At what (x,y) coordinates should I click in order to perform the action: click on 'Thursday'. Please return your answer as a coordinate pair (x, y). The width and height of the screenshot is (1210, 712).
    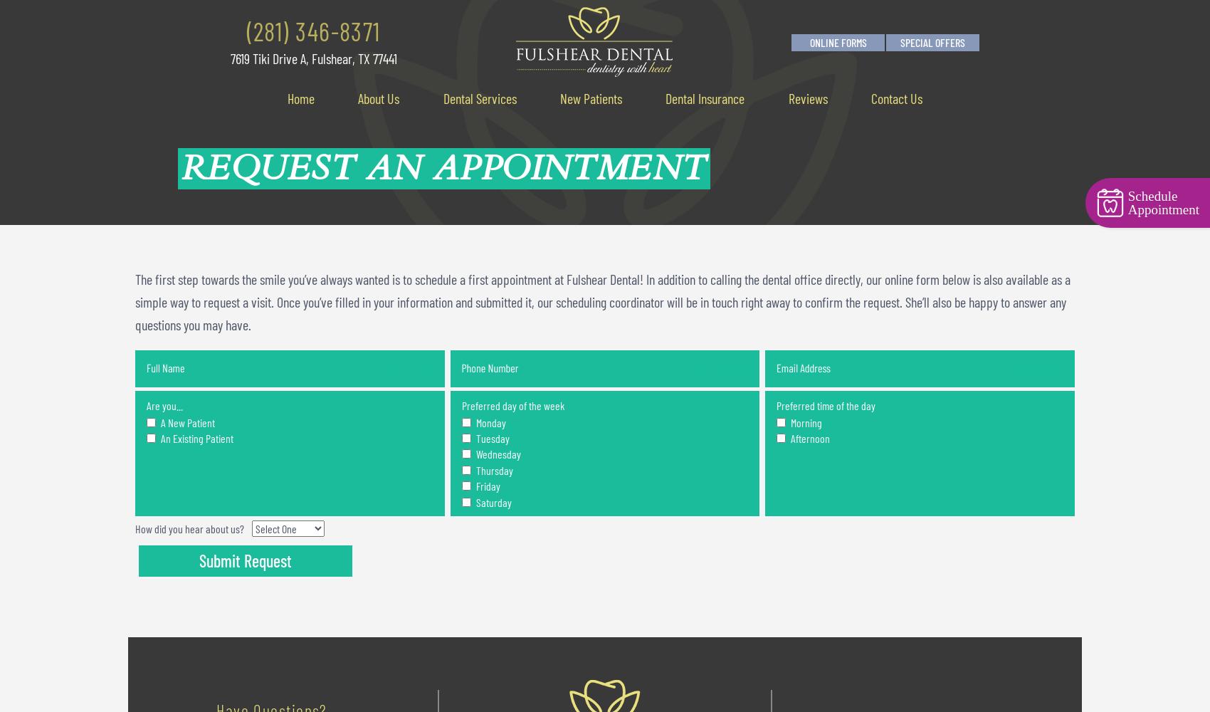
    Looking at the image, I should click on (493, 469).